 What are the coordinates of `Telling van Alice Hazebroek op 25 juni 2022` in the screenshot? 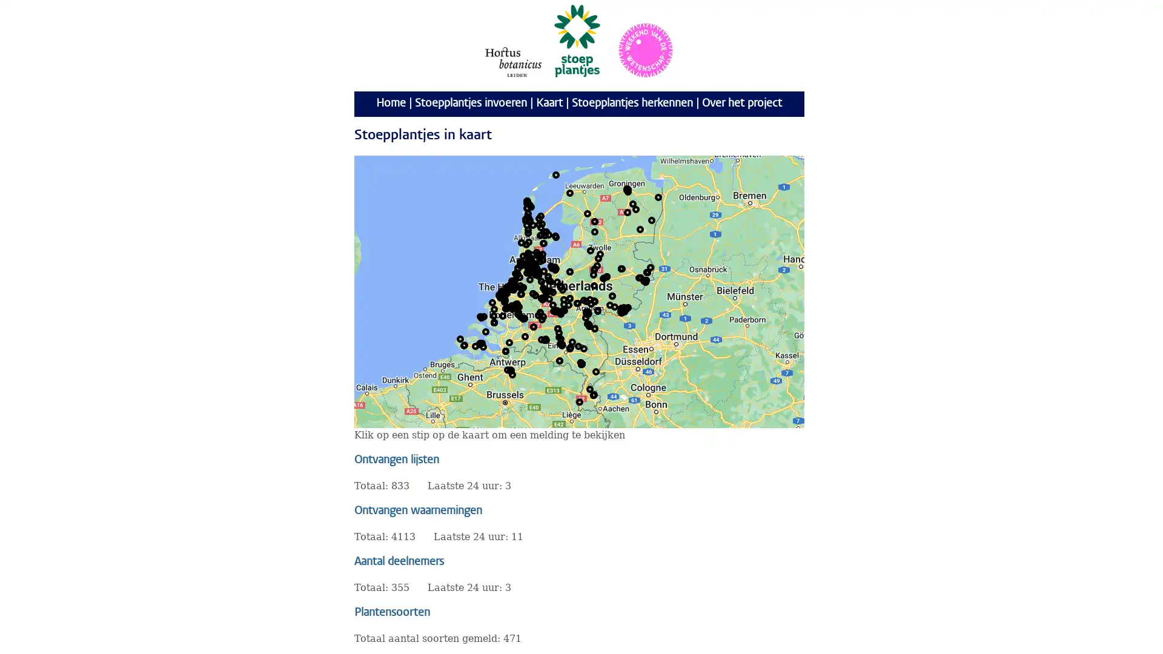 It's located at (481, 317).